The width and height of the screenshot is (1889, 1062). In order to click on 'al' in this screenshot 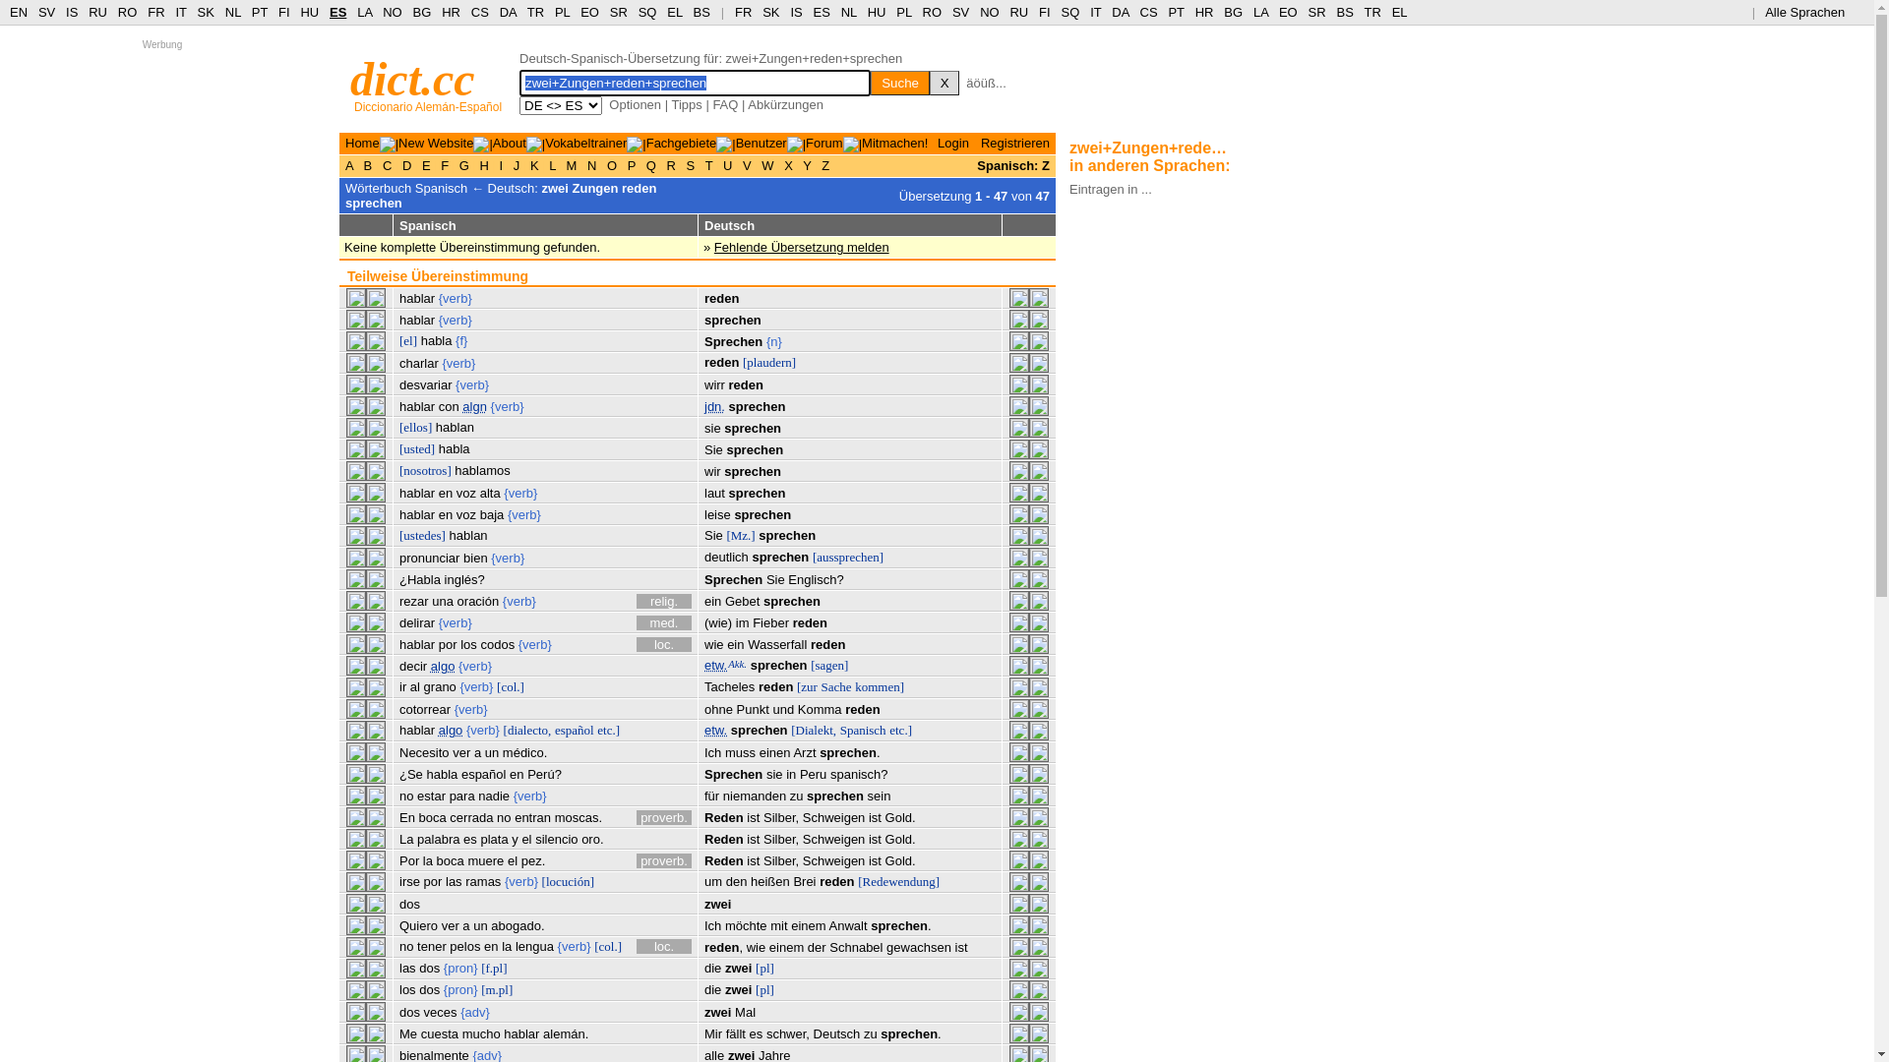, I will do `click(414, 685)`.